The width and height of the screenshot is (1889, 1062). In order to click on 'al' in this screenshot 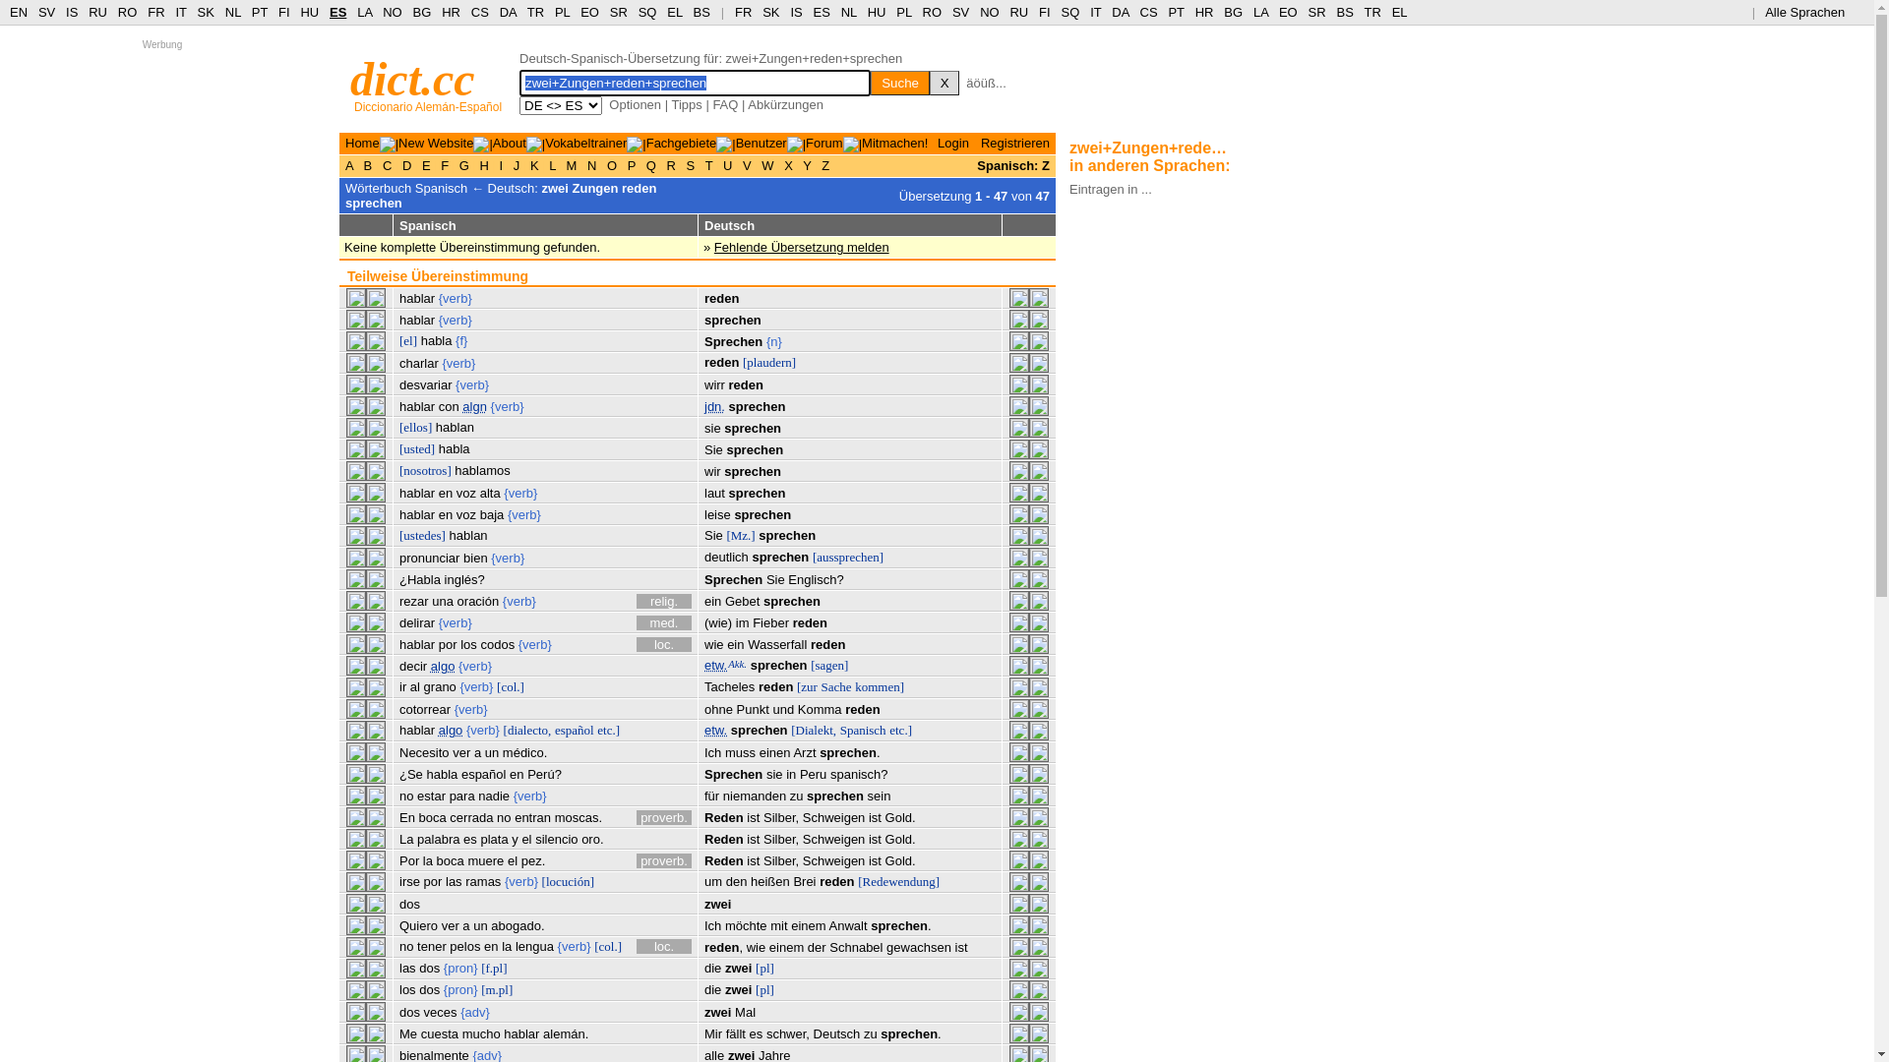, I will do `click(414, 685)`.